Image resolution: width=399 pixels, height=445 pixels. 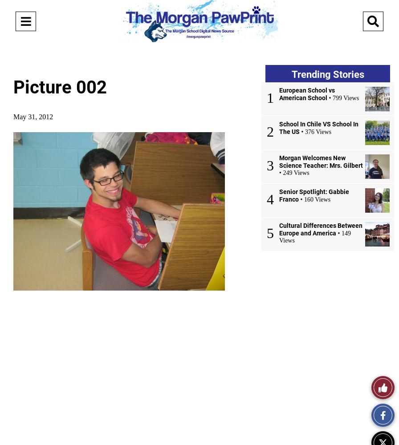 What do you see at coordinates (315, 237) in the screenshot?
I see `'•  149 Views'` at bounding box center [315, 237].